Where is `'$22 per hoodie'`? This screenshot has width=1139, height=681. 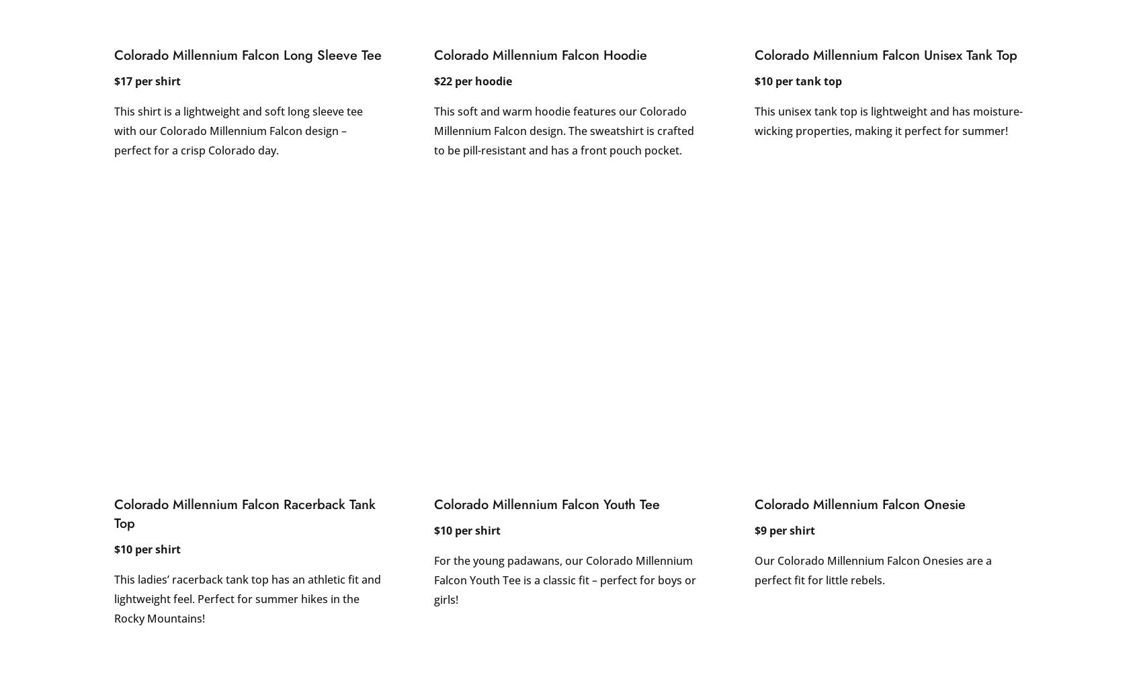
'$22 per hoodie' is located at coordinates (472, 81).